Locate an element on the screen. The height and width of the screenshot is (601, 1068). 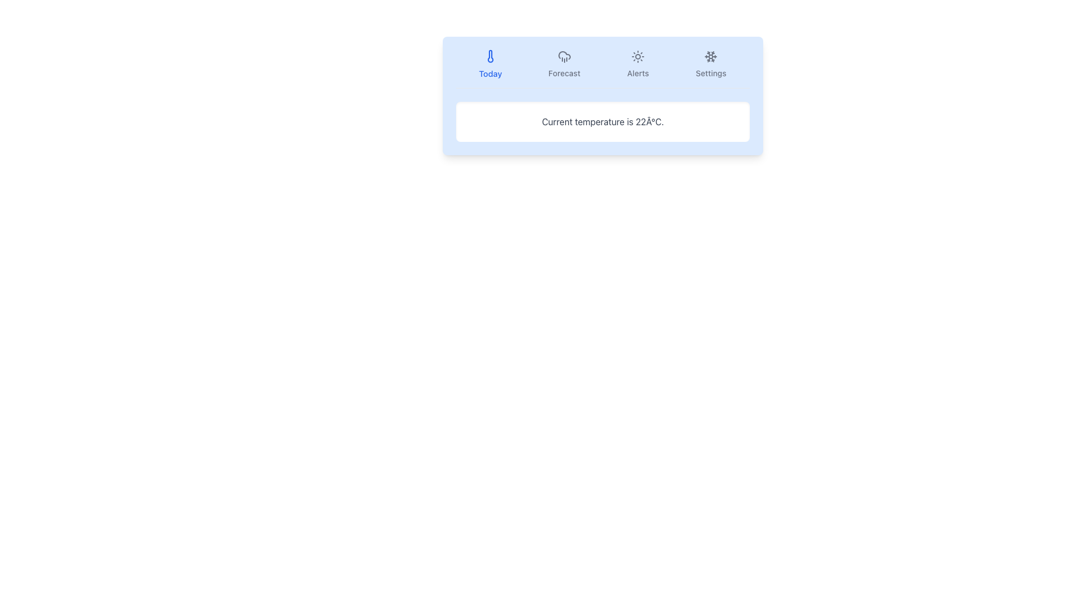
the 'Alerts' icon, which is the third icon from the left in the weather-related icons row at the top of the panel is located at coordinates (638, 56).